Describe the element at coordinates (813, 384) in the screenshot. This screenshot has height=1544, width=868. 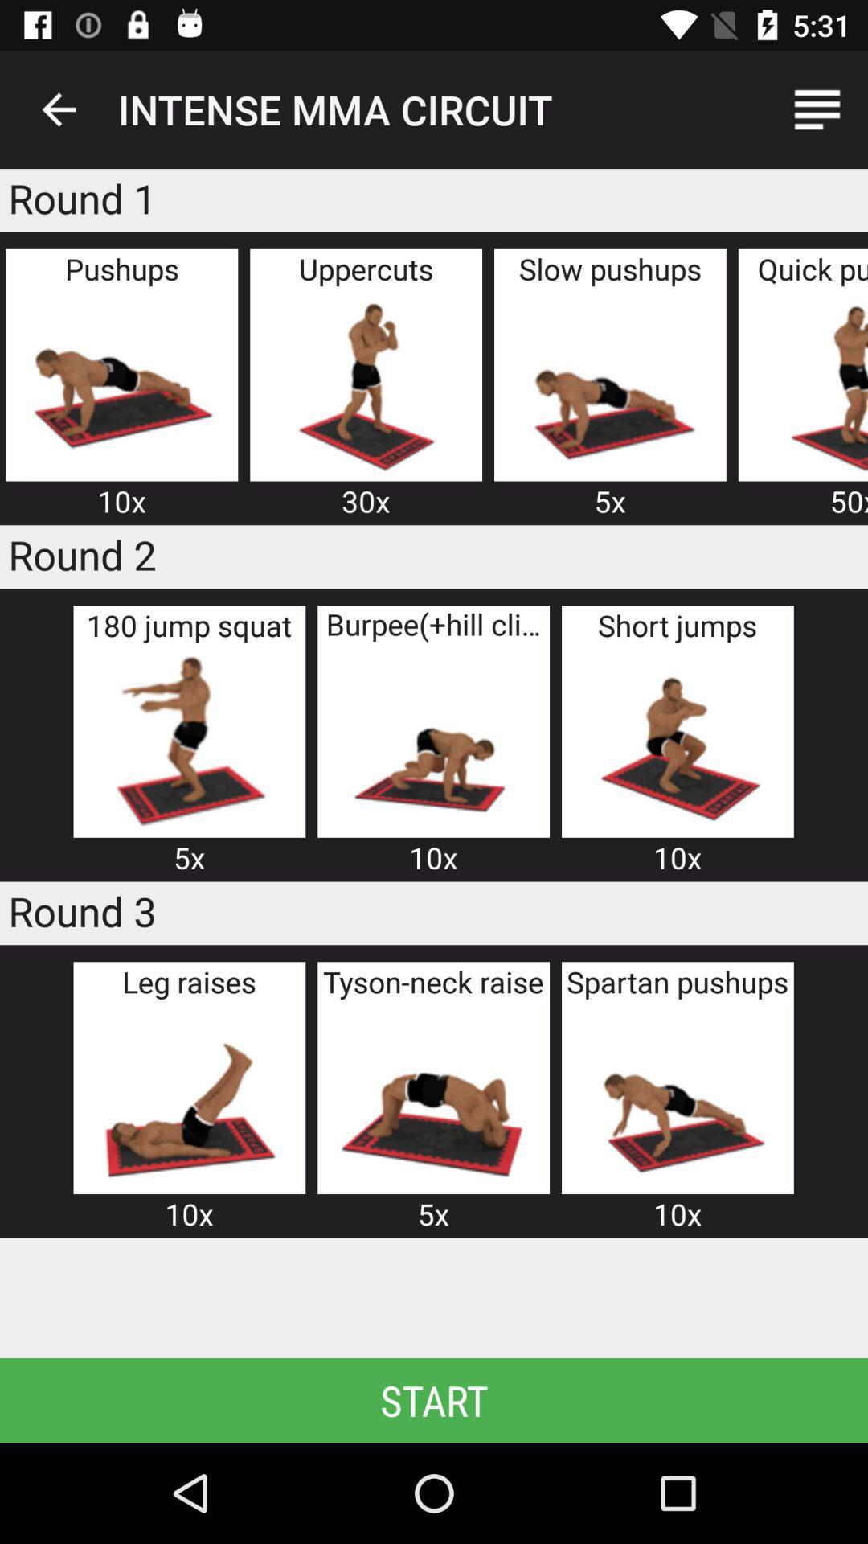
I see `show picture` at that location.